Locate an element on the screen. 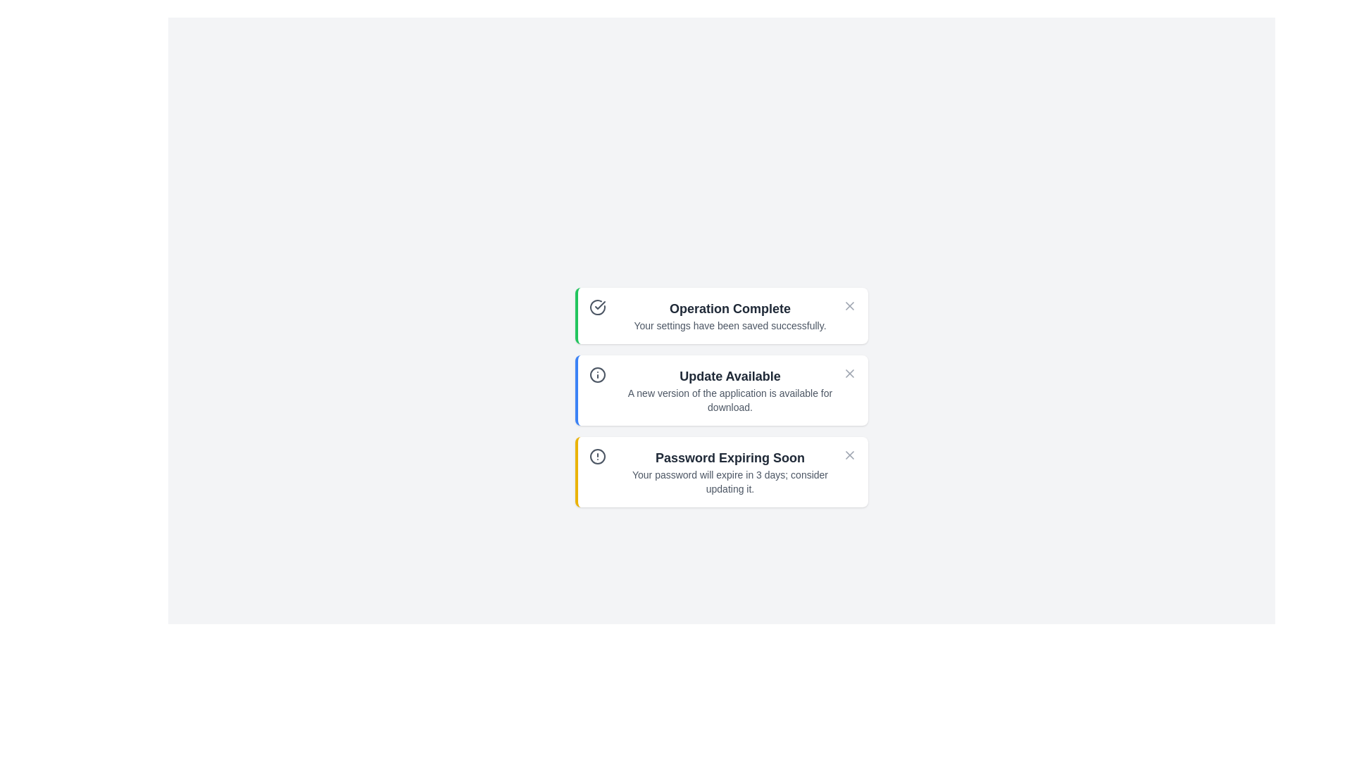 This screenshot has height=760, width=1352. the text label displaying 'Your settings have been saved successfully.' which is located below the heading 'Operation Complete' in the notification card is located at coordinates (730, 325).